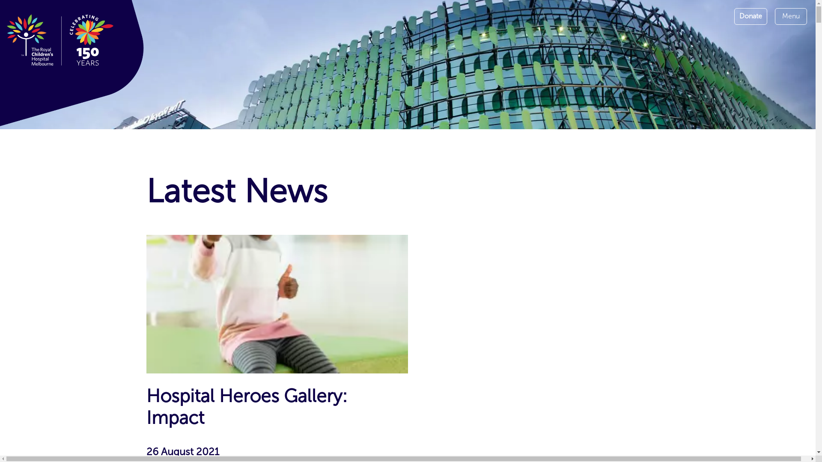 The height and width of the screenshot is (462, 822). I want to click on 'Donate', so click(750, 16).